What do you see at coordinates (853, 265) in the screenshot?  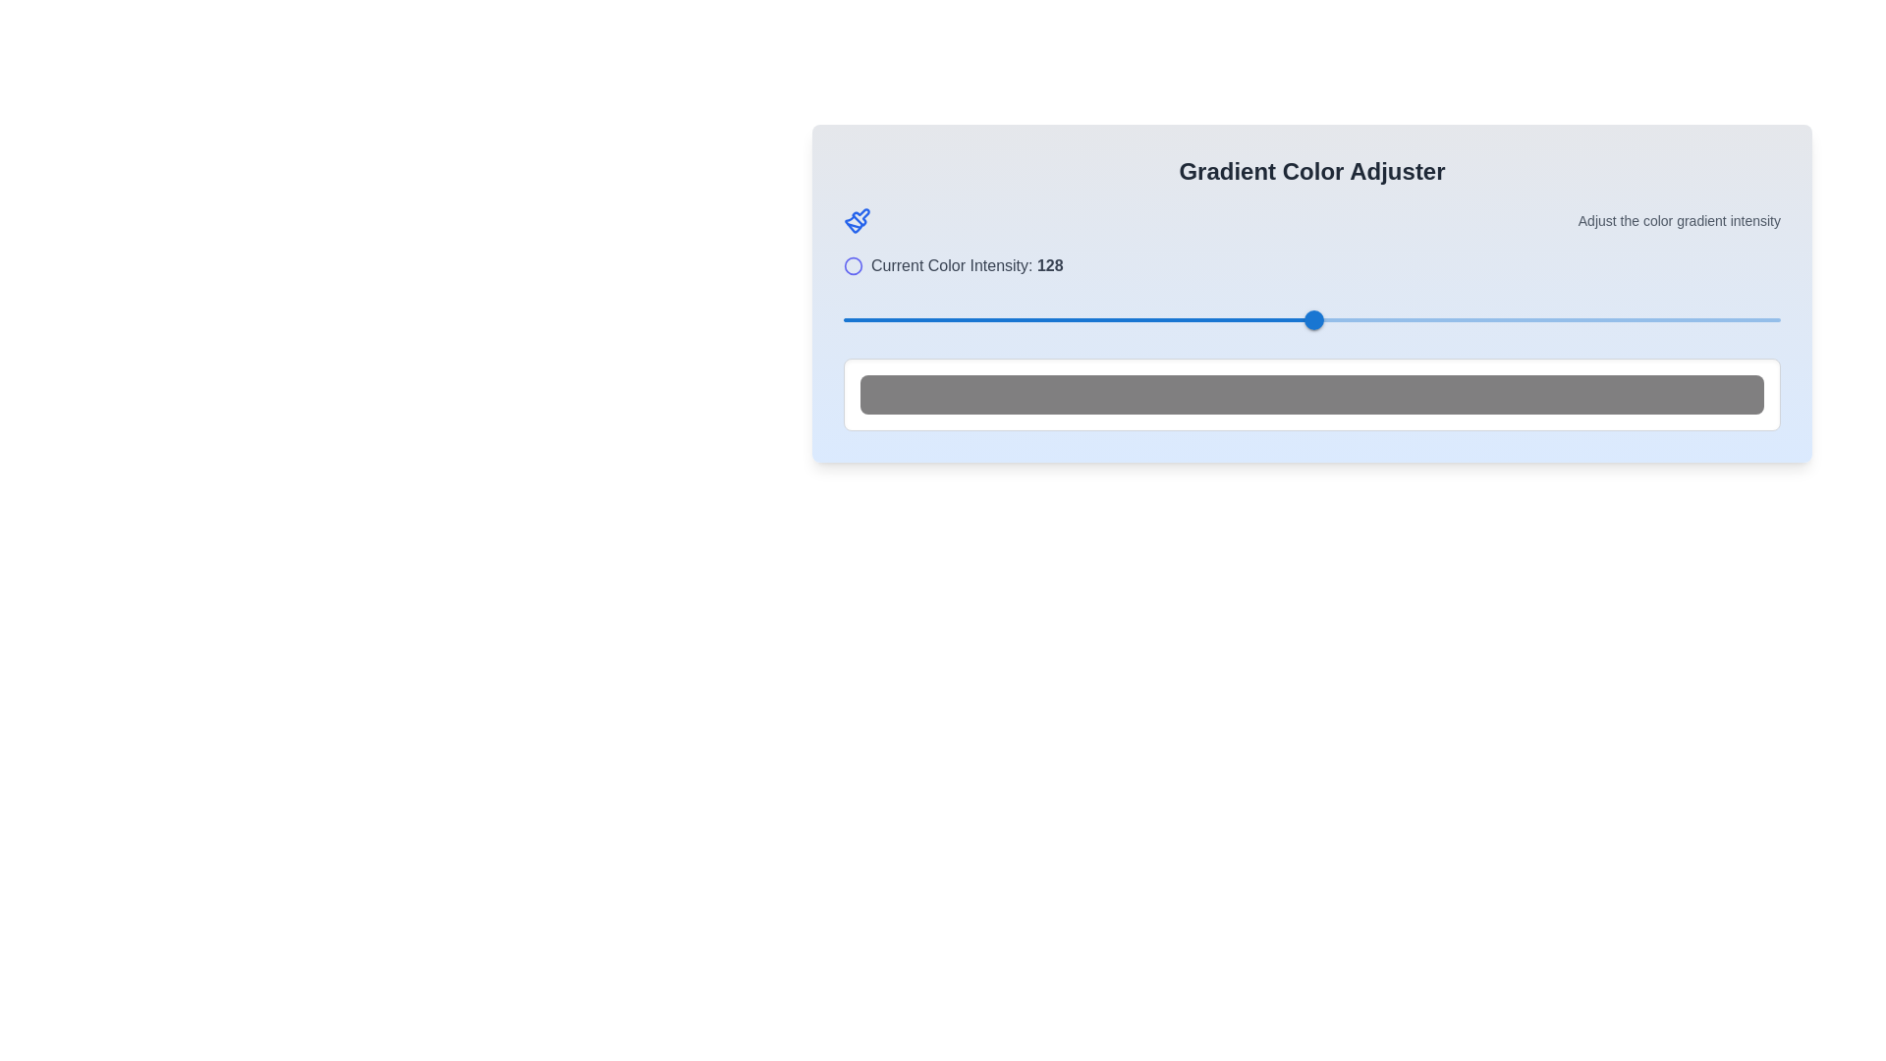 I see `the circular icon located to the left of the text 'Current Color Intensity: 128', which has a hollow appearance and dimensions of 24x24 pixels` at bounding box center [853, 265].